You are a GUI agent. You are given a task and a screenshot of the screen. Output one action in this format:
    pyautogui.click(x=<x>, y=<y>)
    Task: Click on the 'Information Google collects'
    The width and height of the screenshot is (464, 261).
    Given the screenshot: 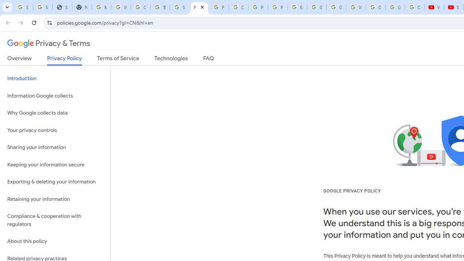 What is the action you would take?
    pyautogui.click(x=55, y=95)
    